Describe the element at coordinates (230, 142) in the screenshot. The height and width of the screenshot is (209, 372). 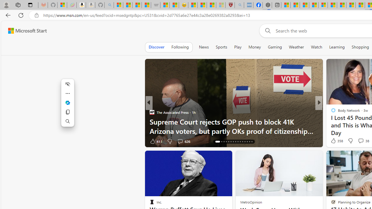
I see `'AutomationID: tab-21'` at that location.